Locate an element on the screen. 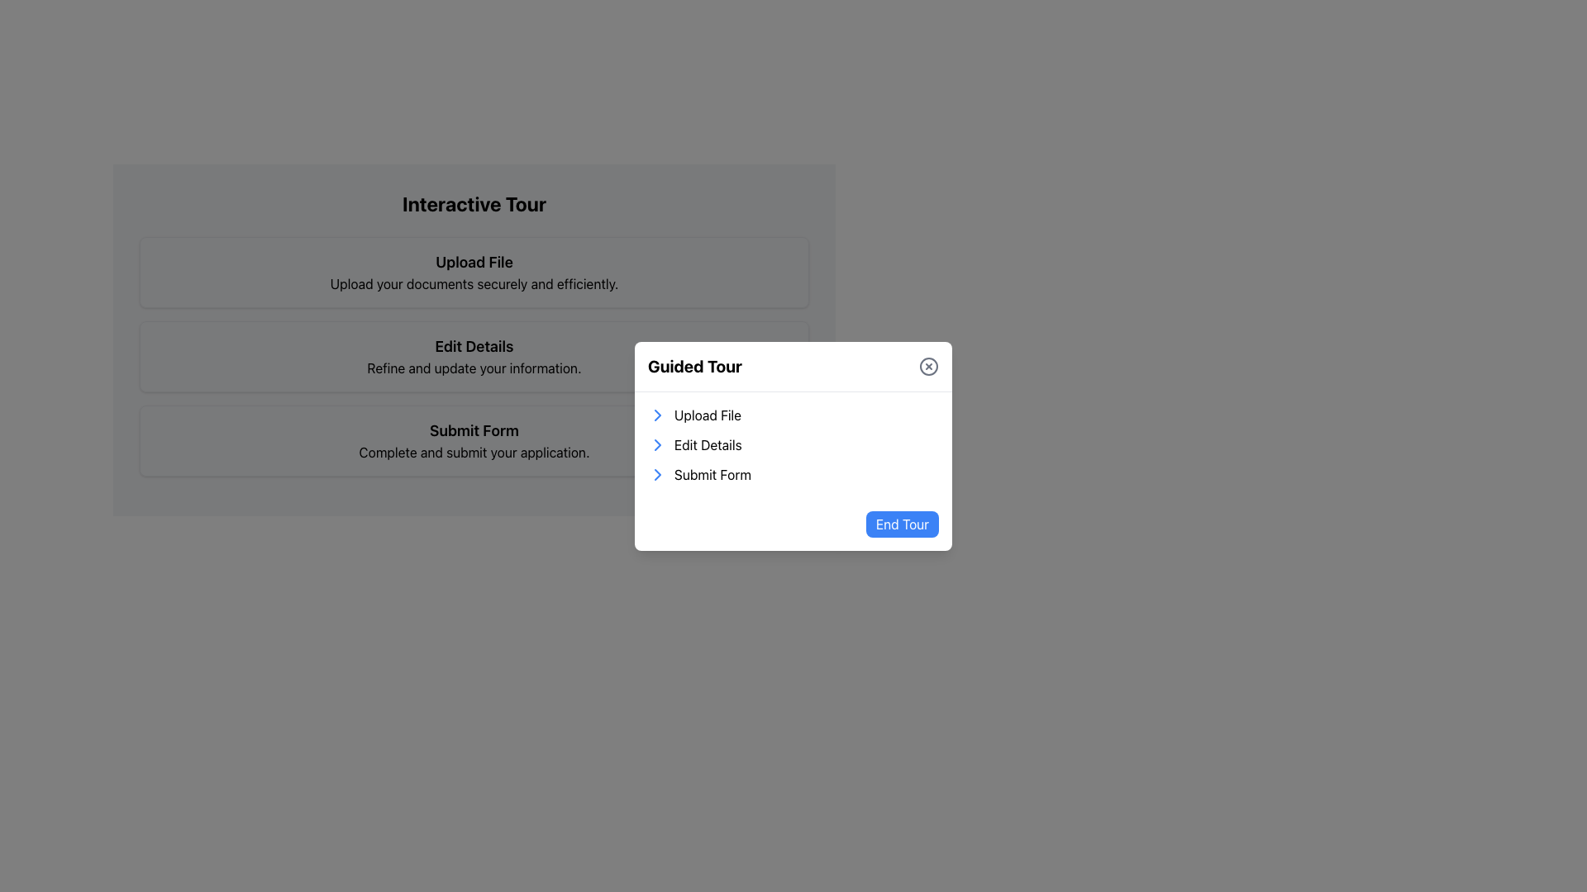 The height and width of the screenshot is (892, 1587). the blue Chevron icon located before the 'Edit Details' text in the 'Guided Tour' pop-up is located at coordinates (657, 443).